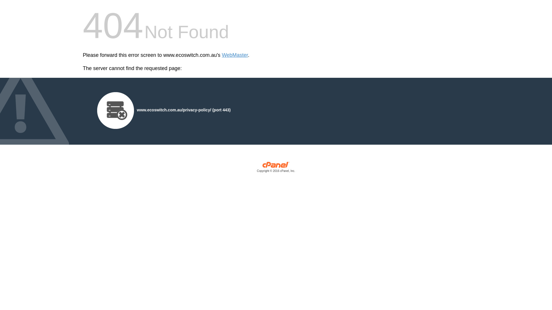 This screenshot has width=552, height=310. Describe the element at coordinates (235, 55) in the screenshot. I see `'WebMaster'` at that location.